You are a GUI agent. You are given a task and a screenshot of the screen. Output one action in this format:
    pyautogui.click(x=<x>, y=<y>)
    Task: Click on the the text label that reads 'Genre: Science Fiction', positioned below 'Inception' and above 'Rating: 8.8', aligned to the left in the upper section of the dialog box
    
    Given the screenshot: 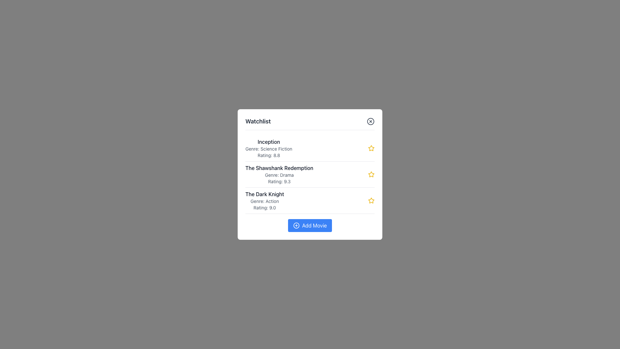 What is the action you would take?
    pyautogui.click(x=269, y=149)
    